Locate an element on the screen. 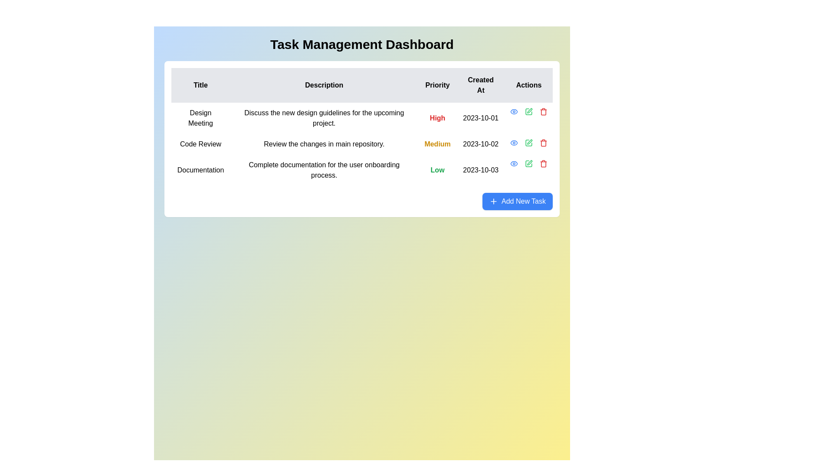 The width and height of the screenshot is (833, 468). the pen icon in the Actions column of the Code Review row is located at coordinates (529, 110).